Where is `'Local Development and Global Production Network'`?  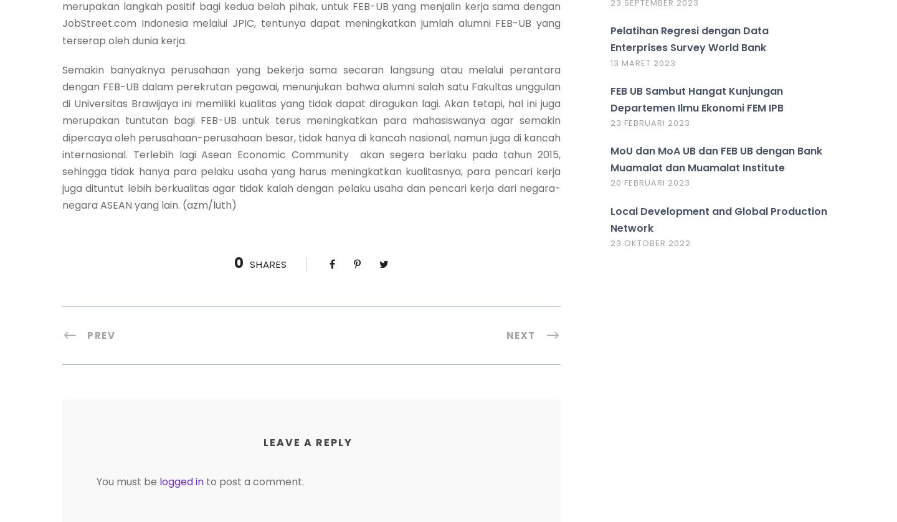
'Local Development and Global Production Network' is located at coordinates (719, 218).